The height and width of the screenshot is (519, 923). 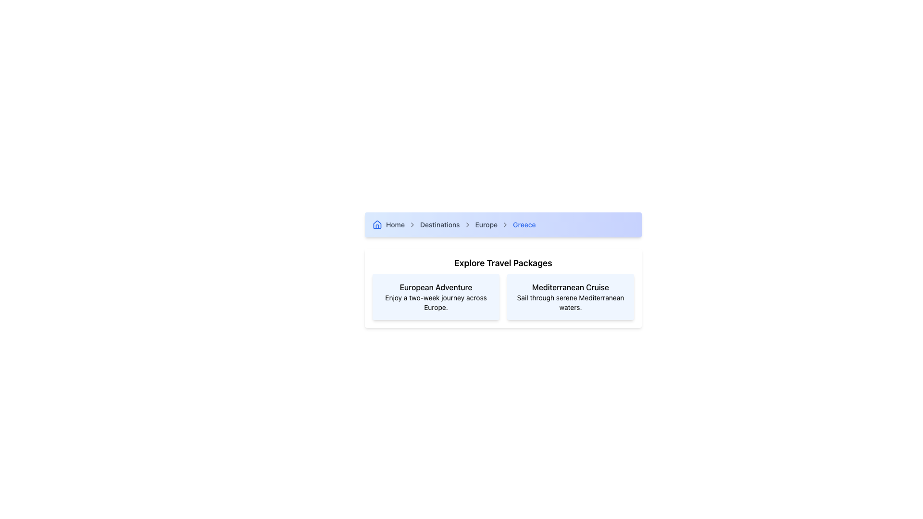 I want to click on the text content of the supporting description for the 'European Adventure' package located beneath its heading within the left card of a two-card layout, so click(x=436, y=302).